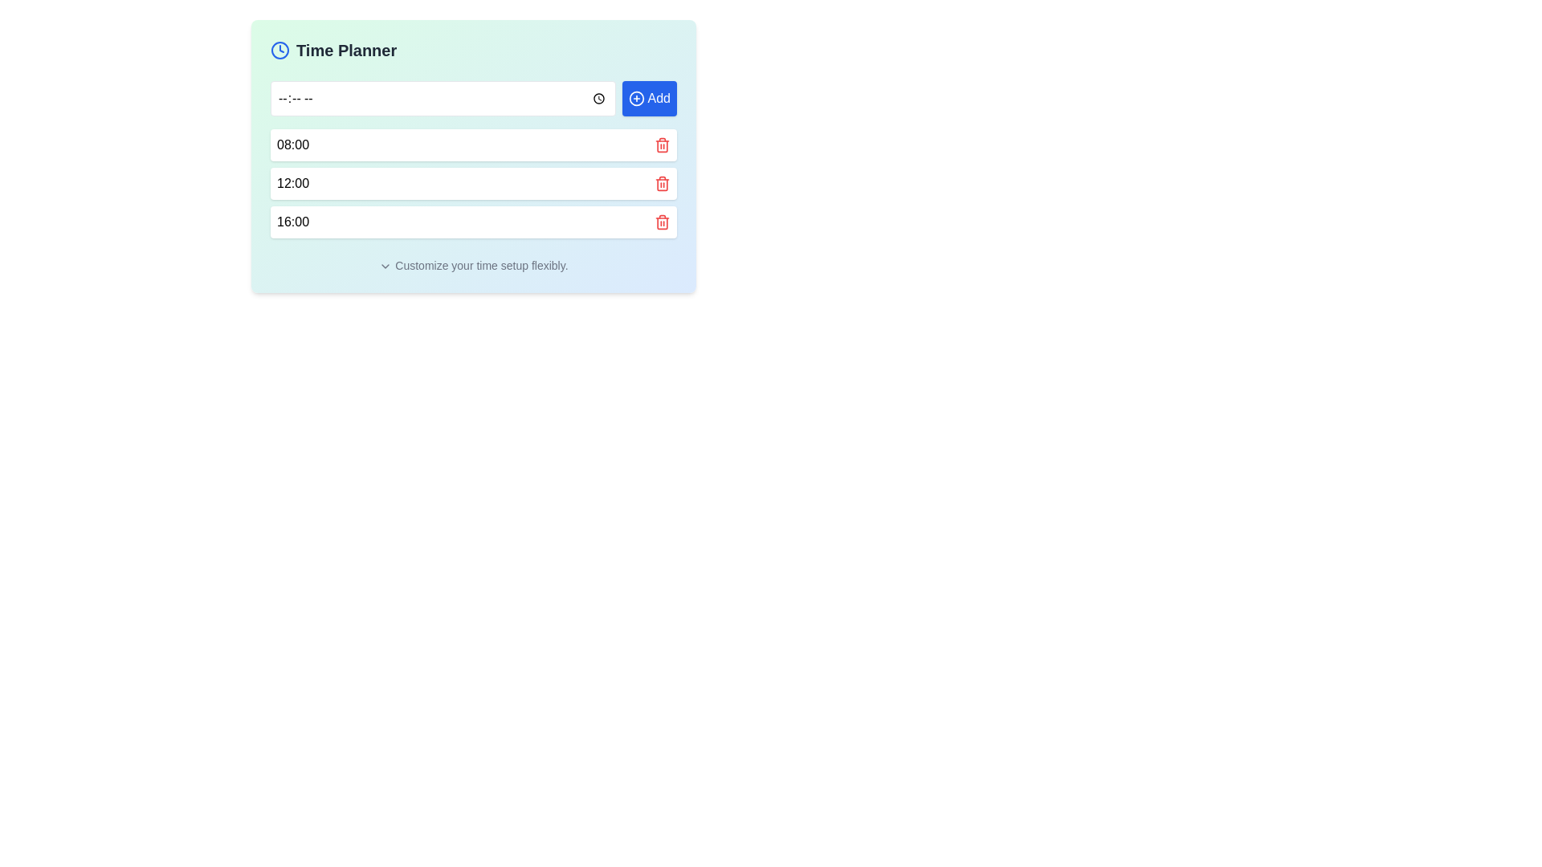  I want to click on the clock icon with a blue outline located to the left of the 'Time Planner' heading, so click(280, 49).